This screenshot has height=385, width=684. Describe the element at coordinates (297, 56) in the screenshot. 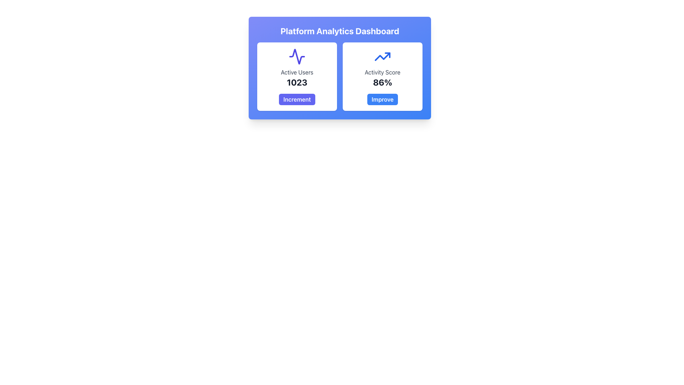

I see `the activity icon located at the top-center of the 'Active Users' card in the 'Platform Analytics Dashboard', which is positioned above the numeric value '1023' and the button labeled 'Increment'` at that location.